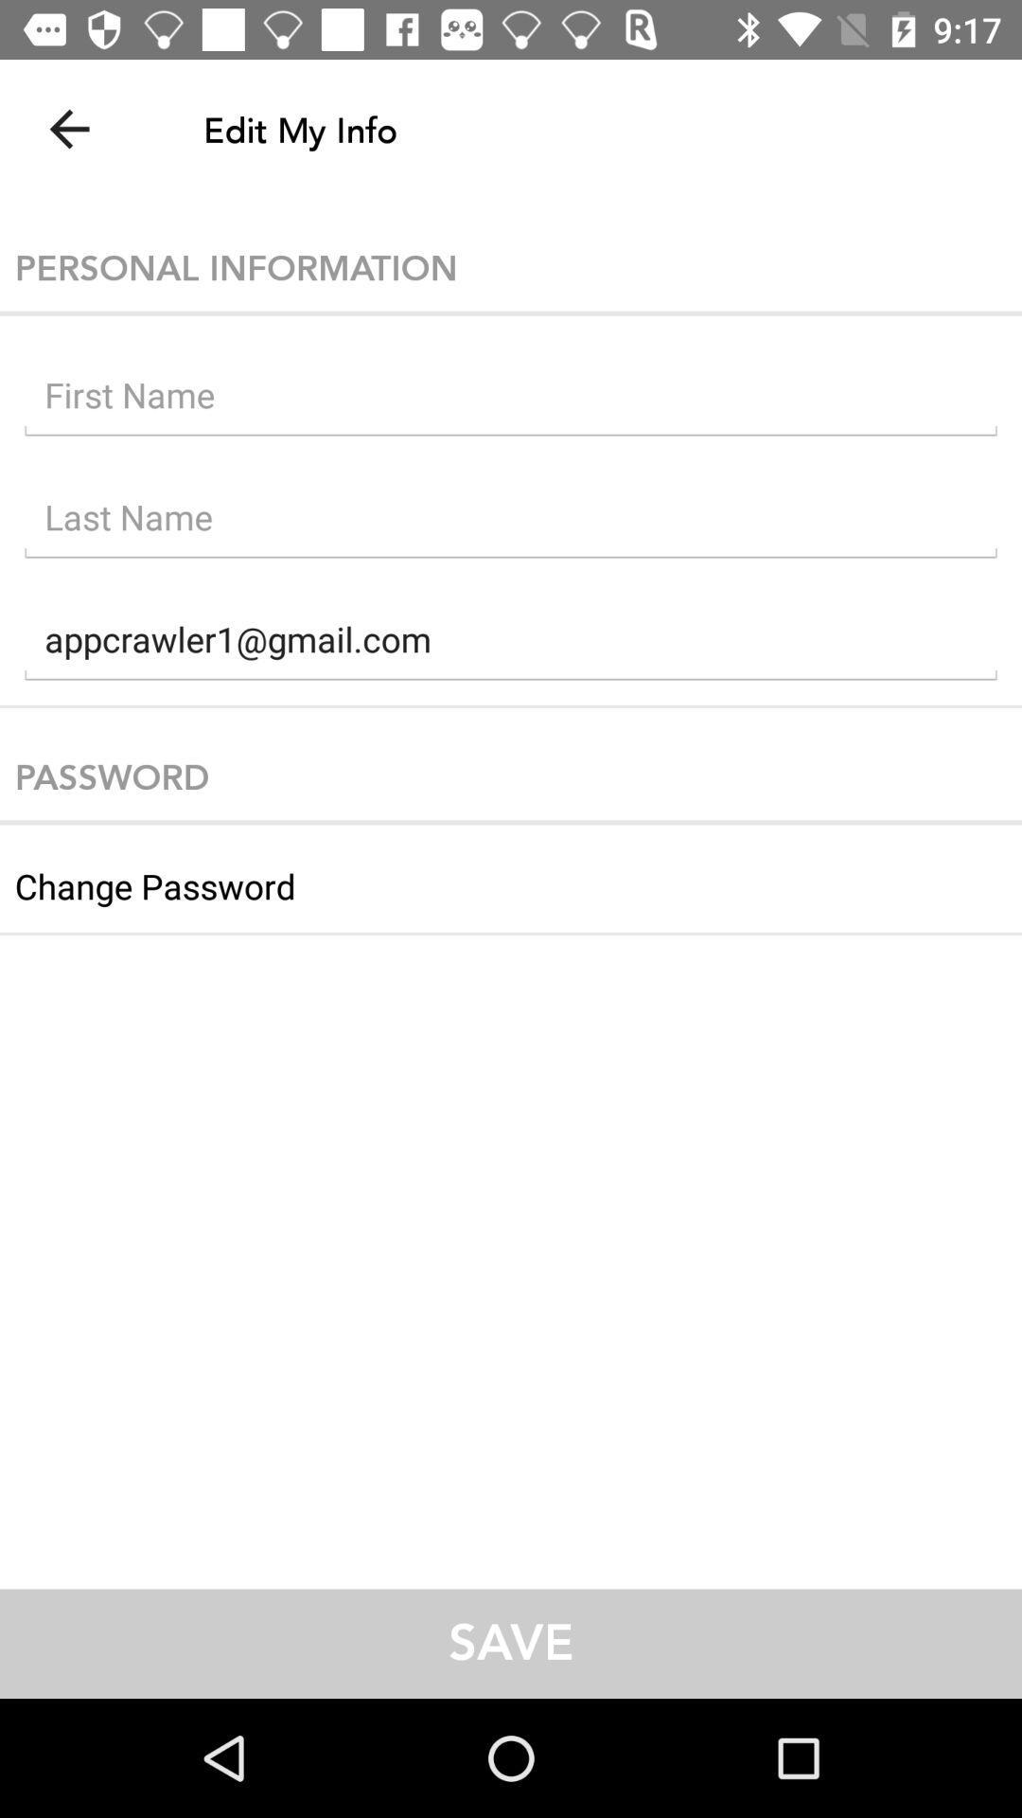  I want to click on the item above the personal information item, so click(68, 128).